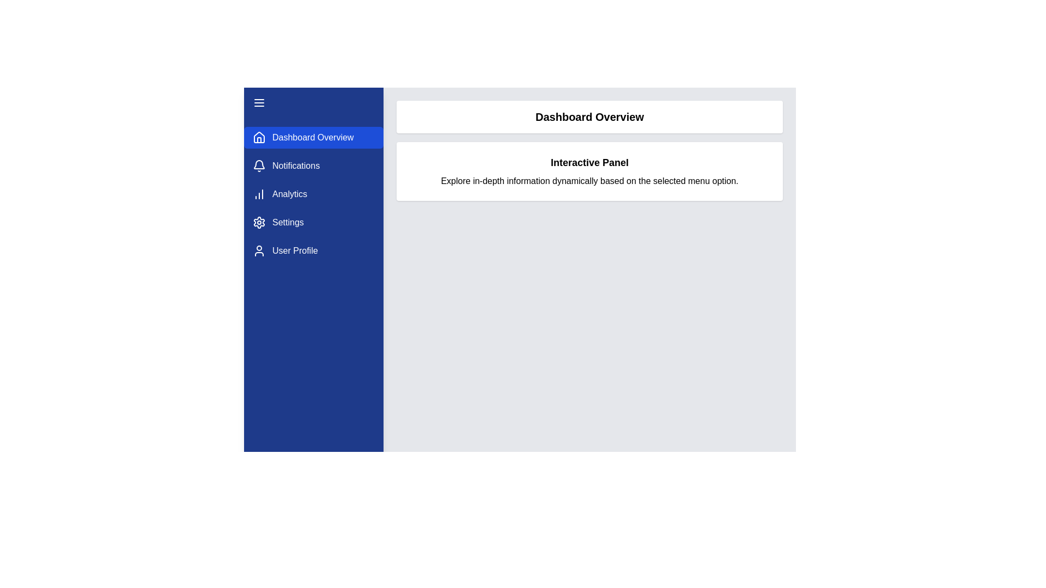 This screenshot has width=1046, height=588. Describe the element at coordinates (258, 251) in the screenshot. I see `the 'User Profile' icon located on the sidebar navigation menu, which is positioned to the left of the text 'User Profile'` at that location.